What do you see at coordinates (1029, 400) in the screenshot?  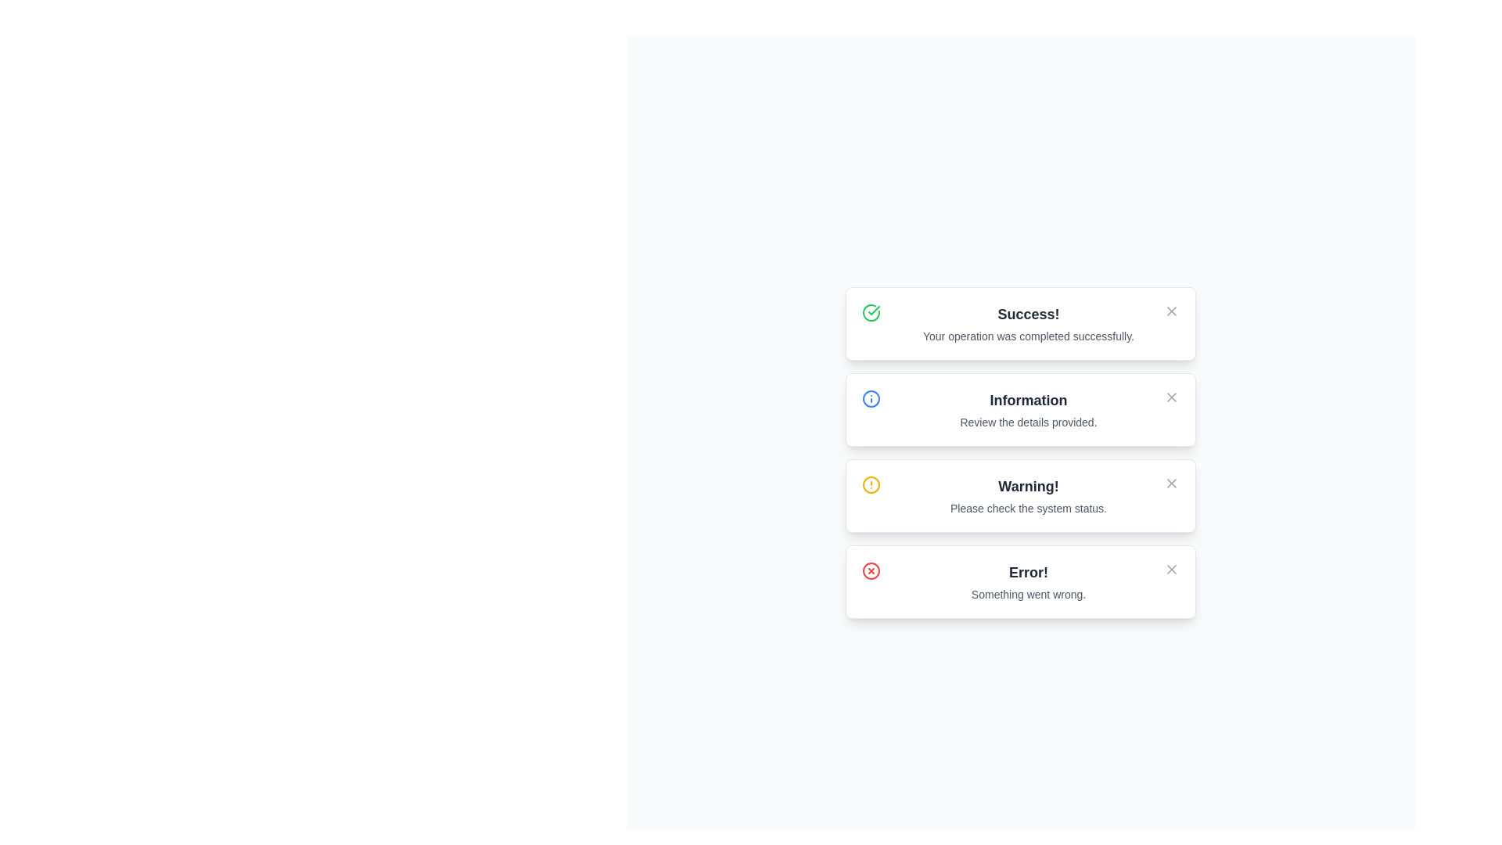 I see `any interactive elements located near the 'Information' text label within the notification card, which is the second card in a vertical stack of notifications` at bounding box center [1029, 400].